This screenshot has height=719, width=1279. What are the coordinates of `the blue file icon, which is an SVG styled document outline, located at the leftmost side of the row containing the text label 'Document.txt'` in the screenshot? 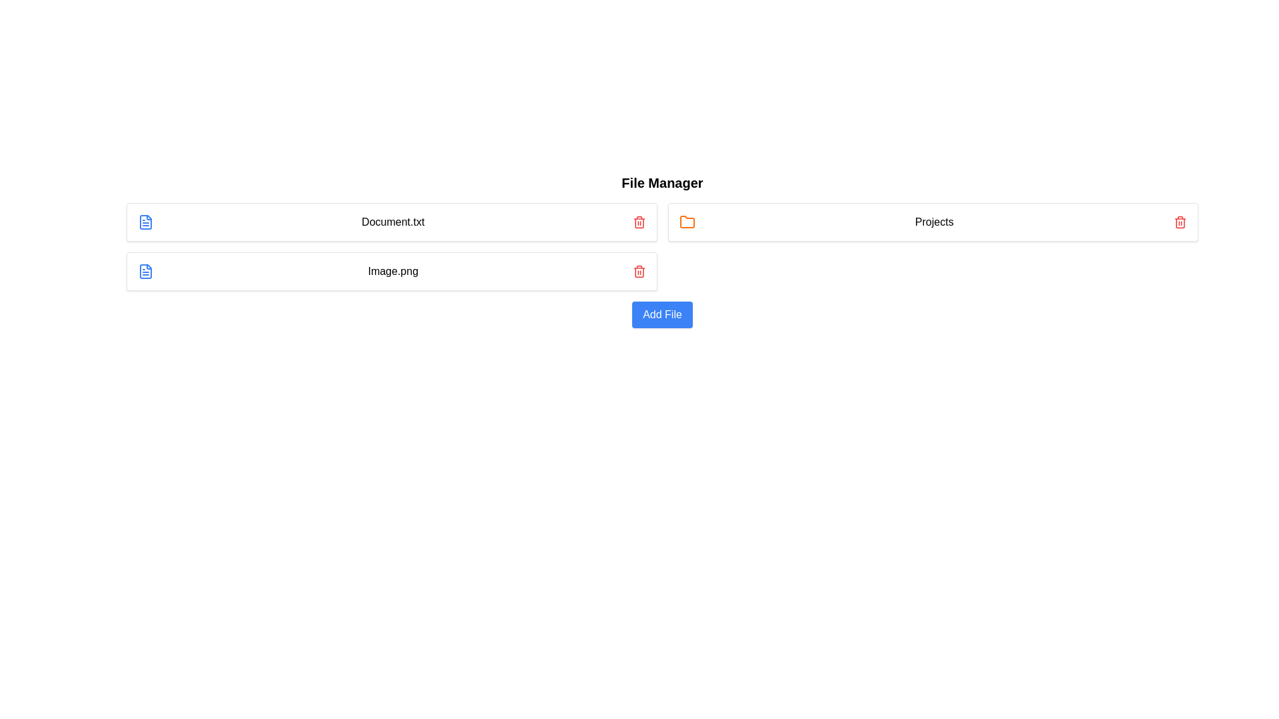 It's located at (146, 222).